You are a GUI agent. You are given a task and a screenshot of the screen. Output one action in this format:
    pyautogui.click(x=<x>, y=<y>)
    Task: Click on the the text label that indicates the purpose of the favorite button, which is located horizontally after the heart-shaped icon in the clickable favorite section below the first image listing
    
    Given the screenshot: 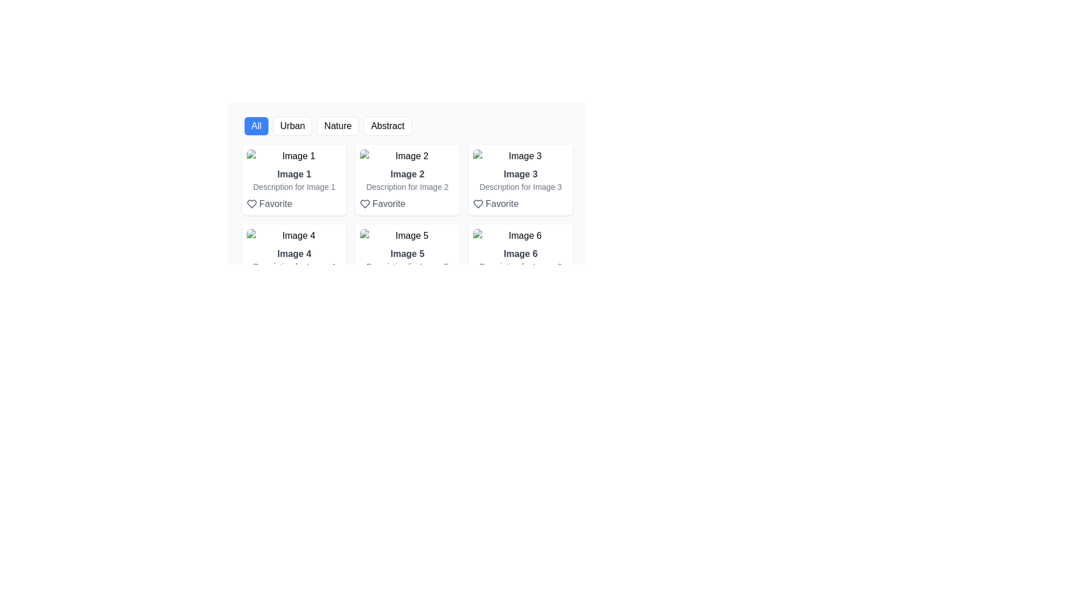 What is the action you would take?
    pyautogui.click(x=275, y=203)
    